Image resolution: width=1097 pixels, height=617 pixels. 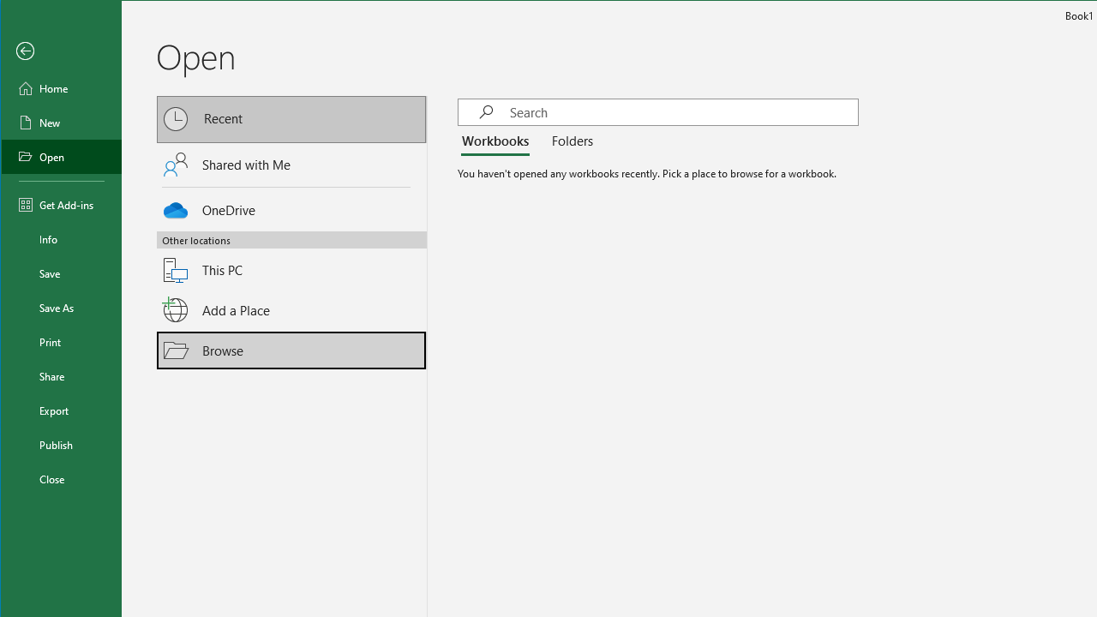 What do you see at coordinates (292, 309) in the screenshot?
I see `'Add a Place'` at bounding box center [292, 309].